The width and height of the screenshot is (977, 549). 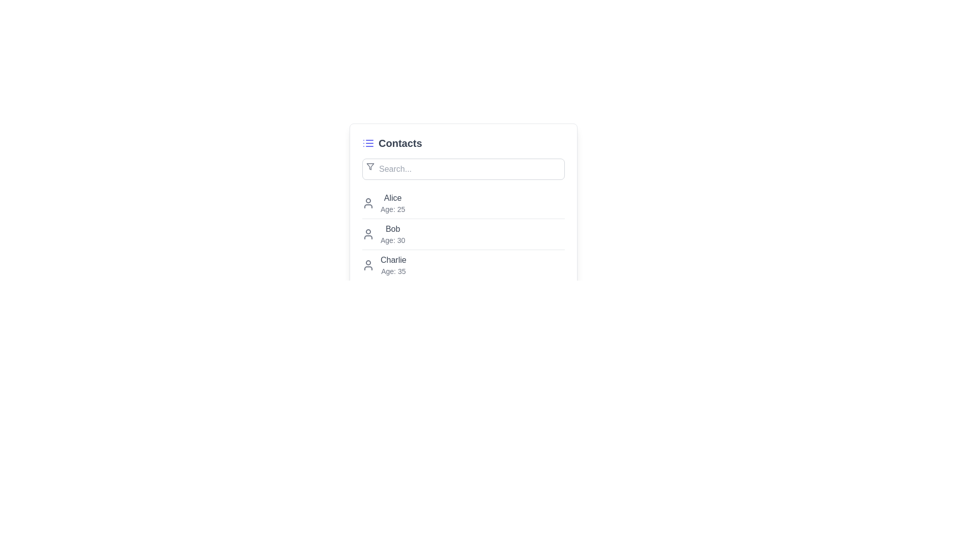 I want to click on the list item displaying the contact entry for 'Bob', which includes the name and age information, located in the 'Contacts' section, so click(x=463, y=234).